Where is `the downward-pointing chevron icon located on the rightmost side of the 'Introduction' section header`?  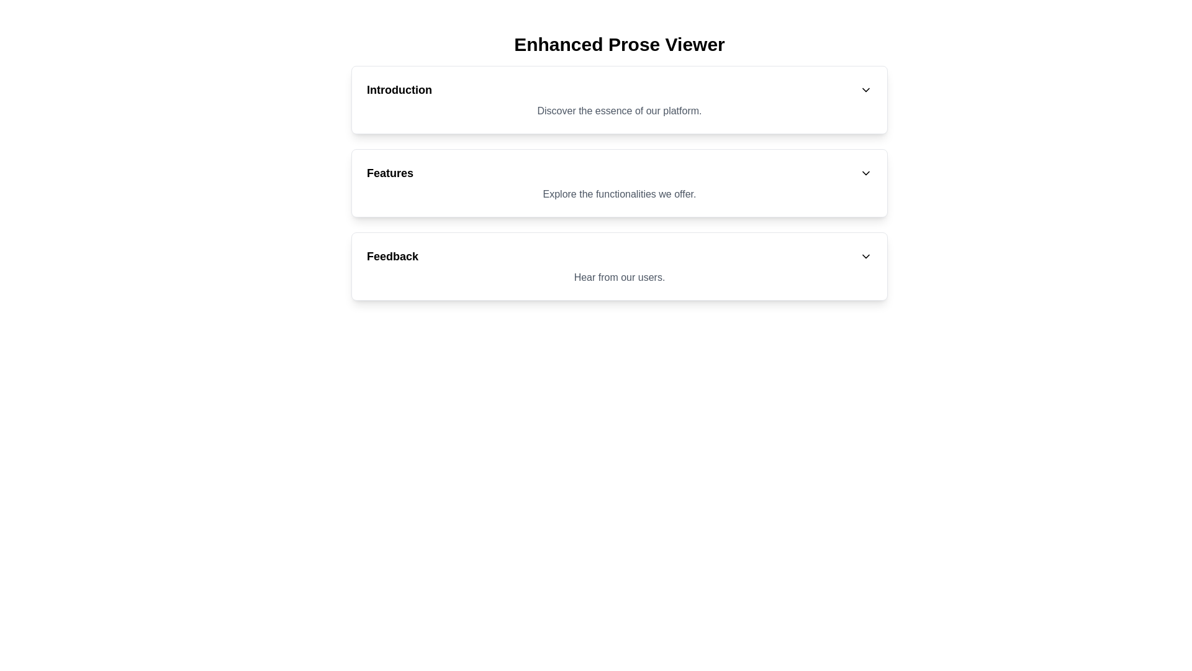
the downward-pointing chevron icon located on the rightmost side of the 'Introduction' section header is located at coordinates (865, 89).